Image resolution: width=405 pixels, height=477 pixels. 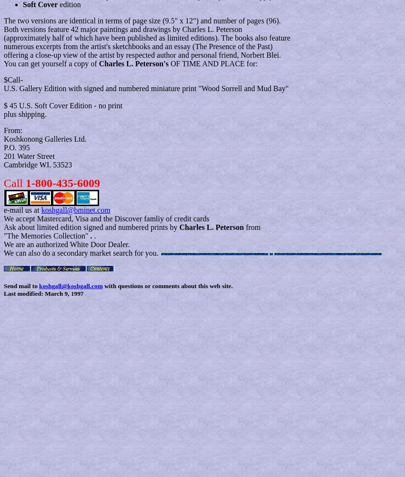 What do you see at coordinates (3, 54) in the screenshot?
I see `'offering a close-up view of the artist by respected author and
personal friend, Norbert Blei.'` at bounding box center [3, 54].